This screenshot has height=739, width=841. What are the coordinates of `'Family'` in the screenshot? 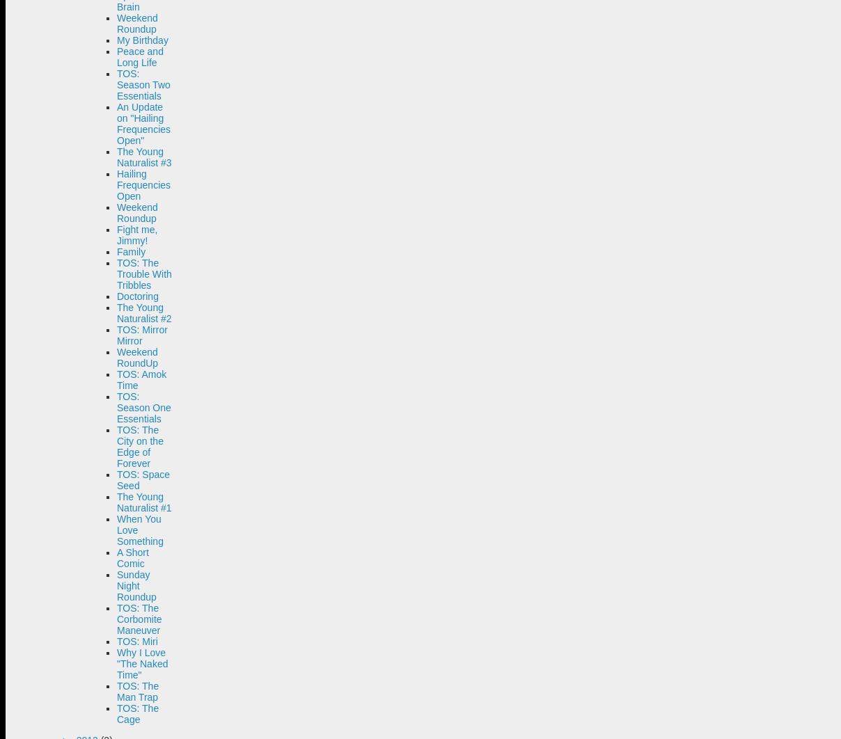 It's located at (131, 251).